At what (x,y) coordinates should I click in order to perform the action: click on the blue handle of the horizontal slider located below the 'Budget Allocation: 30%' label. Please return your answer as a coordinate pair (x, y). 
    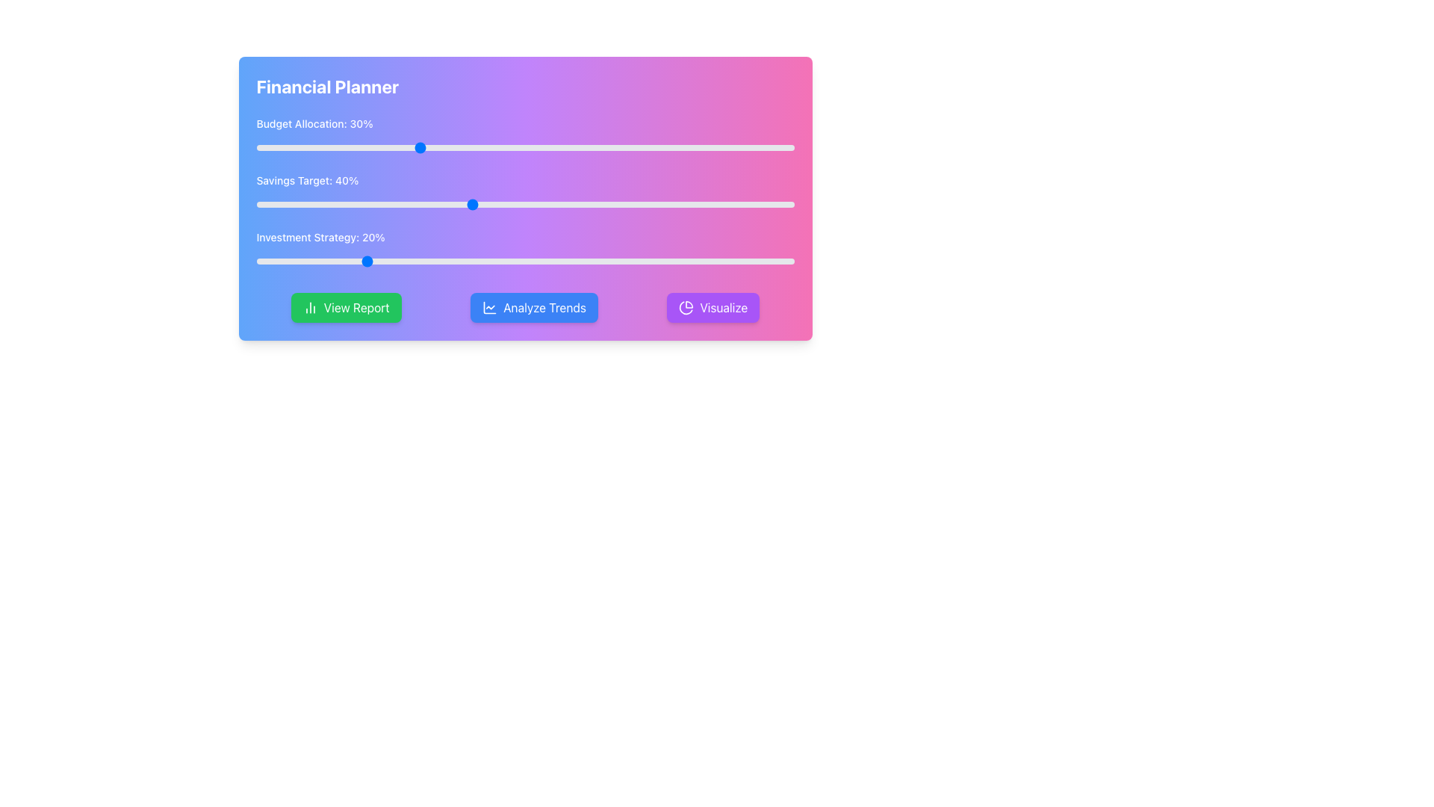
    Looking at the image, I should click on (525, 147).